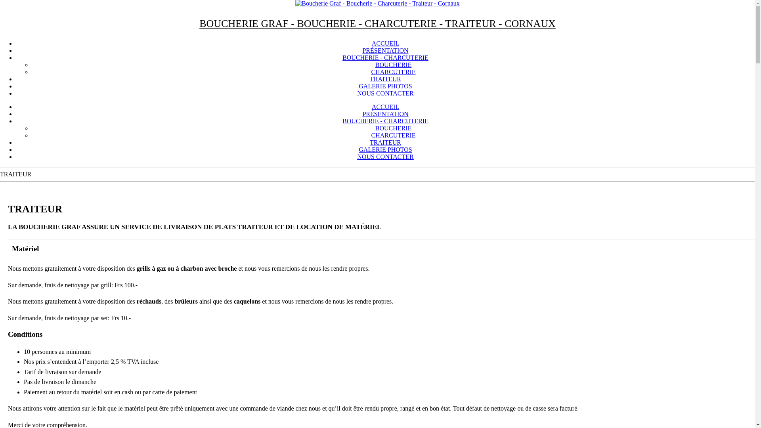 The height and width of the screenshot is (428, 761). What do you see at coordinates (394, 128) in the screenshot?
I see `'BOUCHERIE'` at bounding box center [394, 128].